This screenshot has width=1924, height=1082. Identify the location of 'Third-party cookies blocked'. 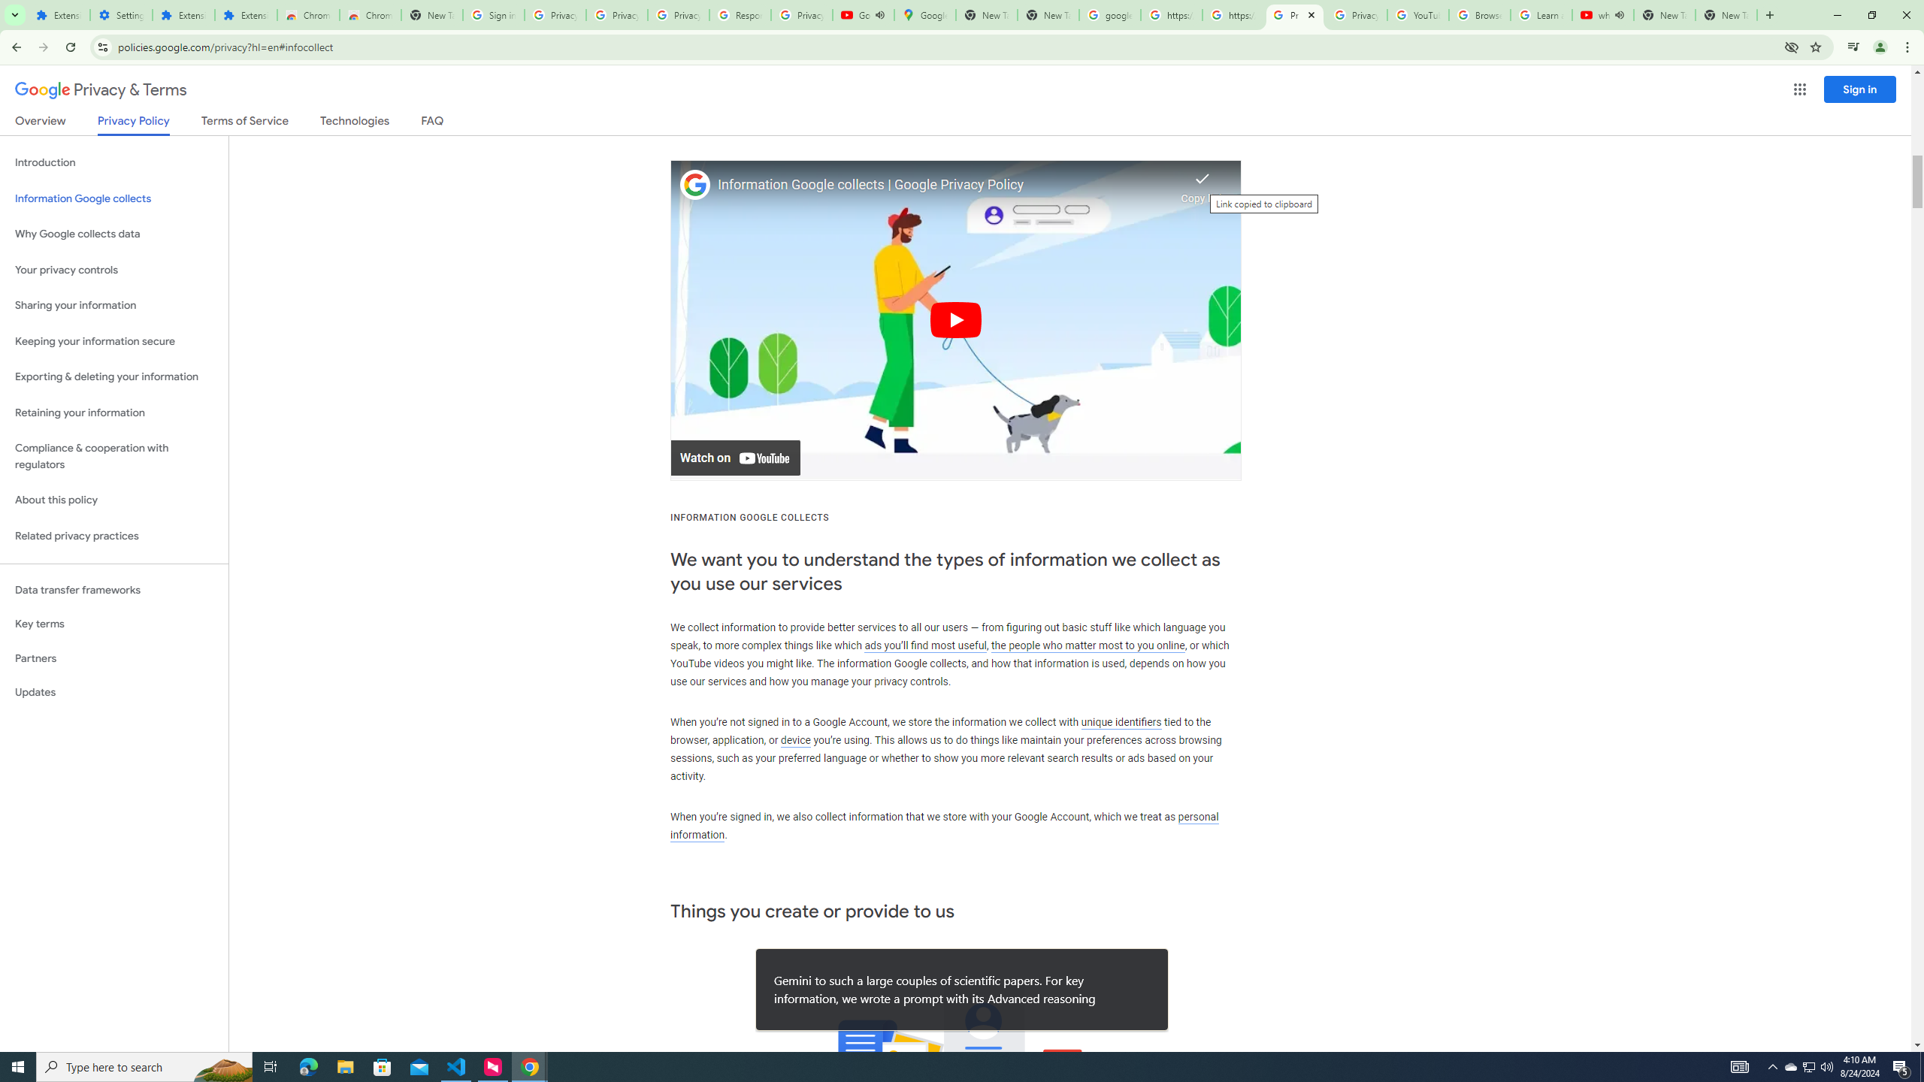
(1792, 46).